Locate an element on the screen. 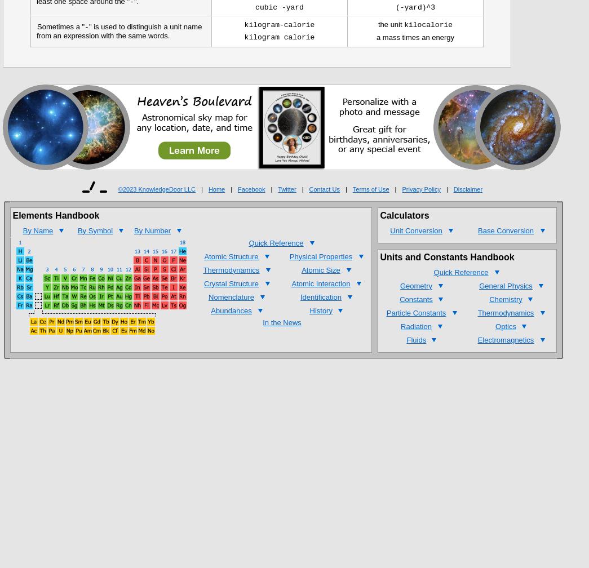  '-' is located at coordinates (86, 26).